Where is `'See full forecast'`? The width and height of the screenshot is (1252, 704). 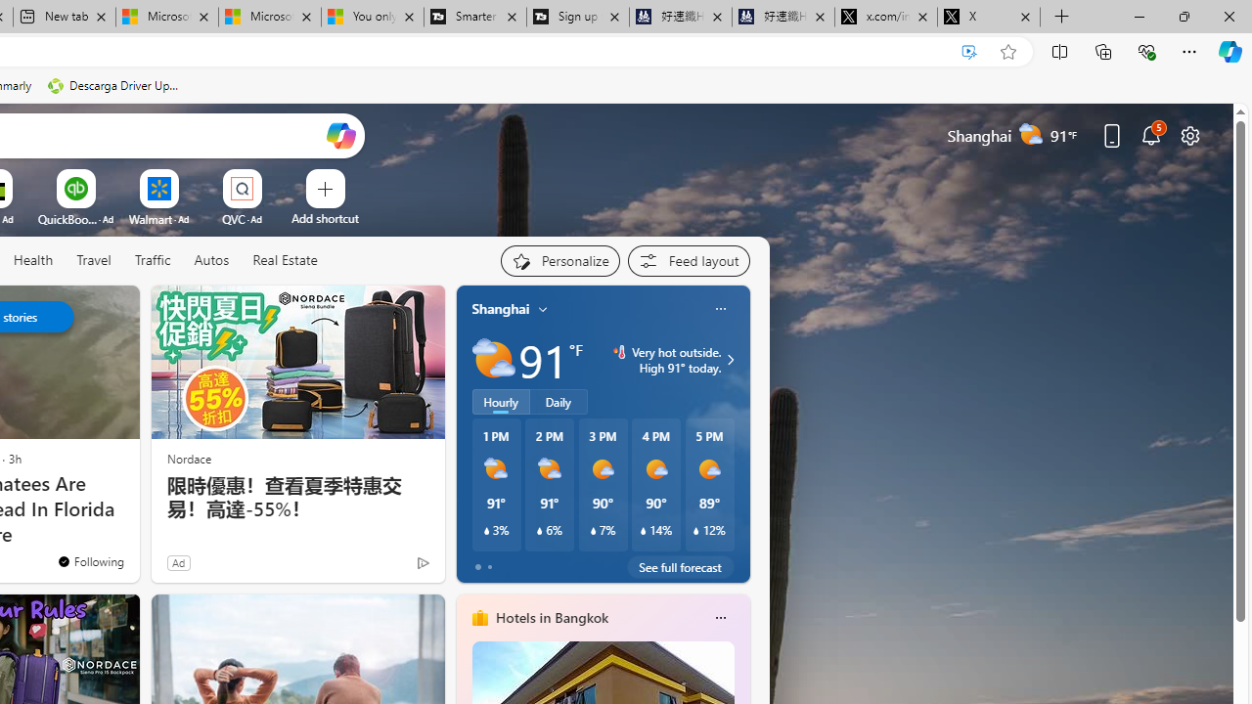
'See full forecast' is located at coordinates (680, 566).